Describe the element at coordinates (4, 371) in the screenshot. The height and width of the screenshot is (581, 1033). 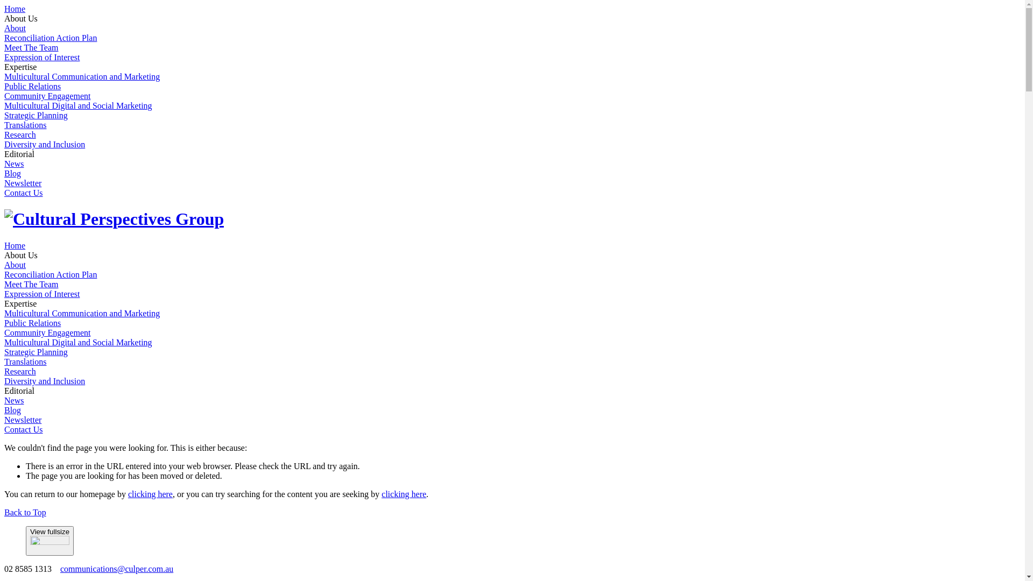
I see `'Research'` at that location.